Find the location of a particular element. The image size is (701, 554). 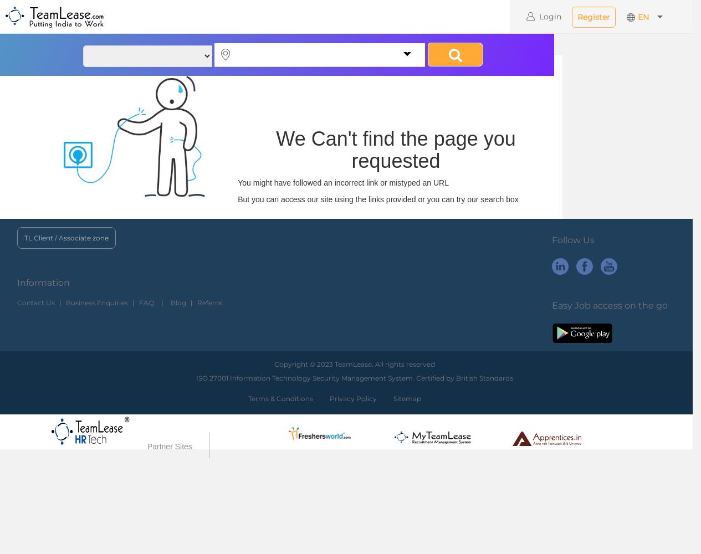

'Information' is located at coordinates (43, 282).